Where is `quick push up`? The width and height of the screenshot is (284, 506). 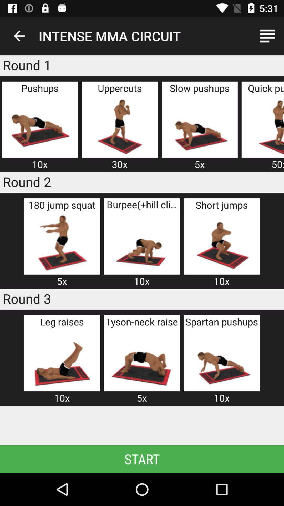 quick push up is located at coordinates (266, 126).